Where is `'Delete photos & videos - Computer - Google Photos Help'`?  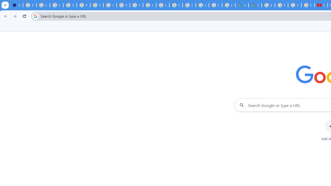
'Delete photos & videos - Computer - Google Photos Help' is located at coordinates (29, 5).